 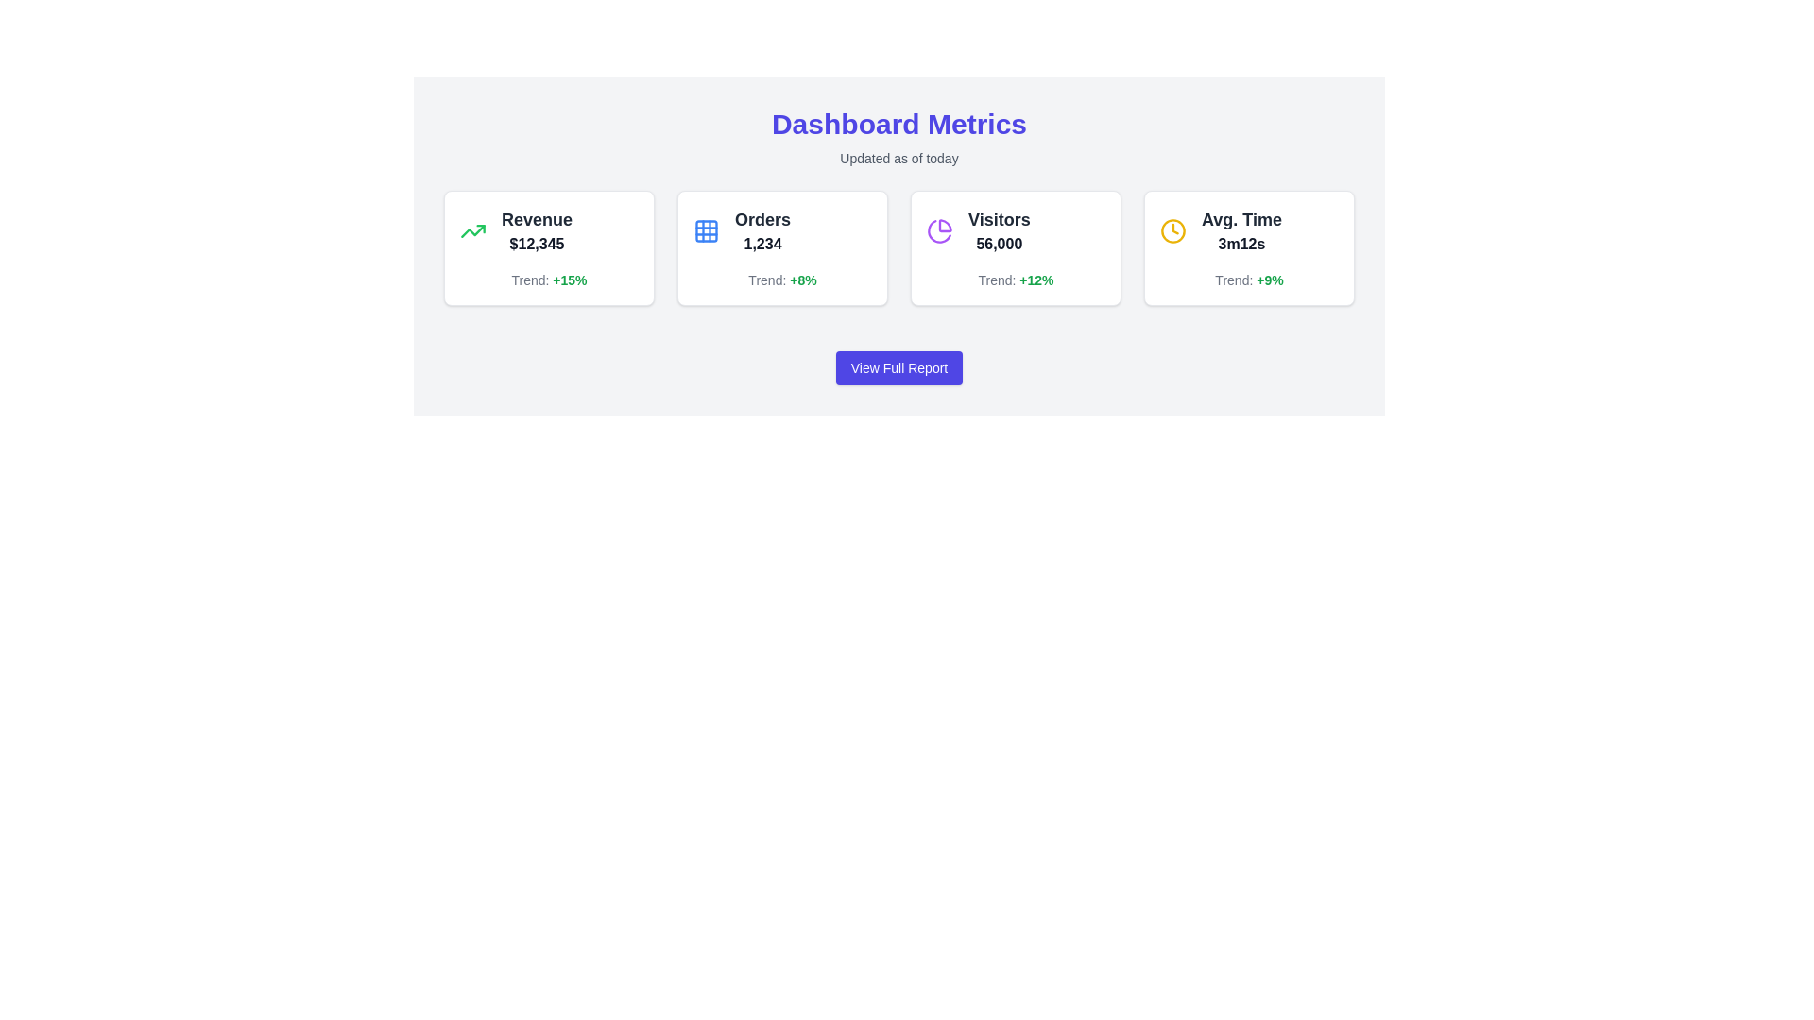 What do you see at coordinates (472, 230) in the screenshot?
I see `the graphical icon component representing an upward trend in the 'Revenue' card located in the upper left corner` at bounding box center [472, 230].